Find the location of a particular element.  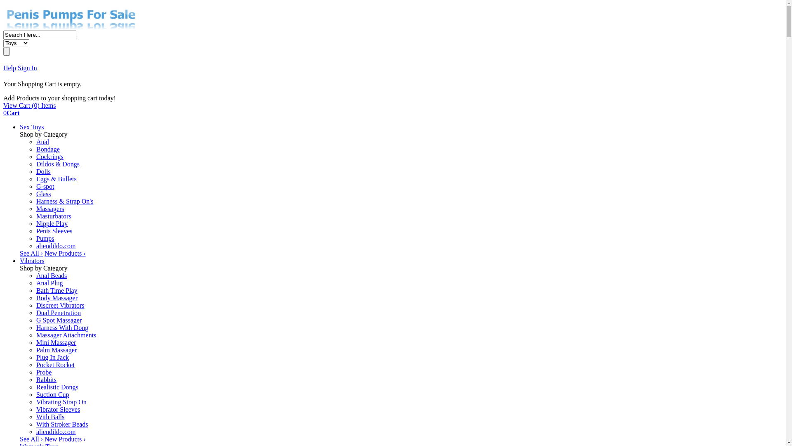

'Shop.penispumpsforsale.com' is located at coordinates (73, 26).